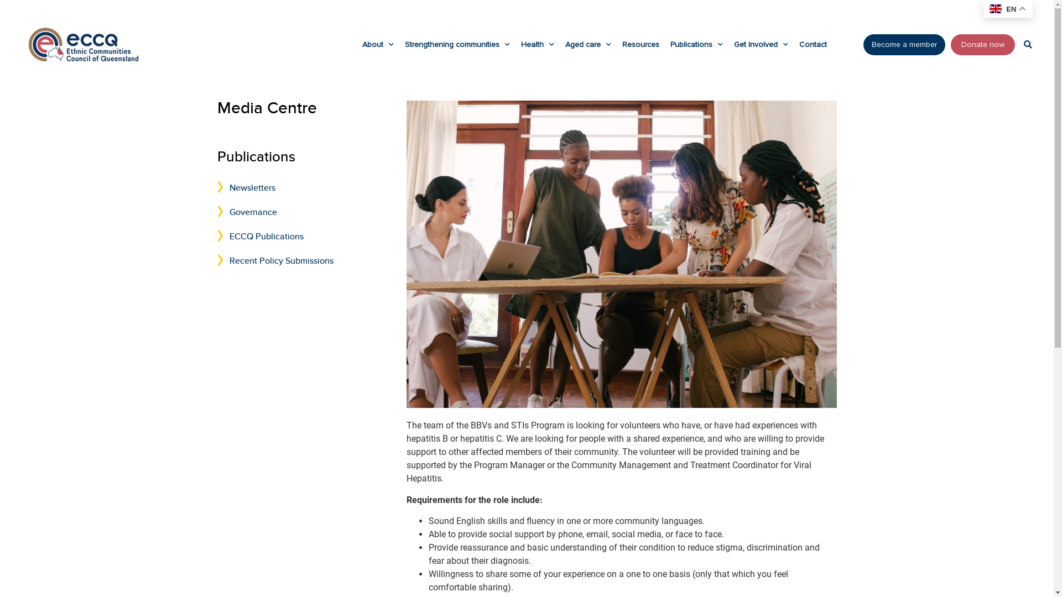 This screenshot has height=597, width=1062. What do you see at coordinates (305, 260) in the screenshot?
I see `'Recent Policy Submissions'` at bounding box center [305, 260].